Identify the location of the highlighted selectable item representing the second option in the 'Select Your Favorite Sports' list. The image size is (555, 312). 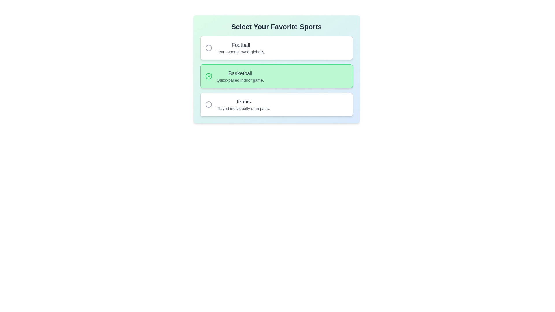
(276, 76).